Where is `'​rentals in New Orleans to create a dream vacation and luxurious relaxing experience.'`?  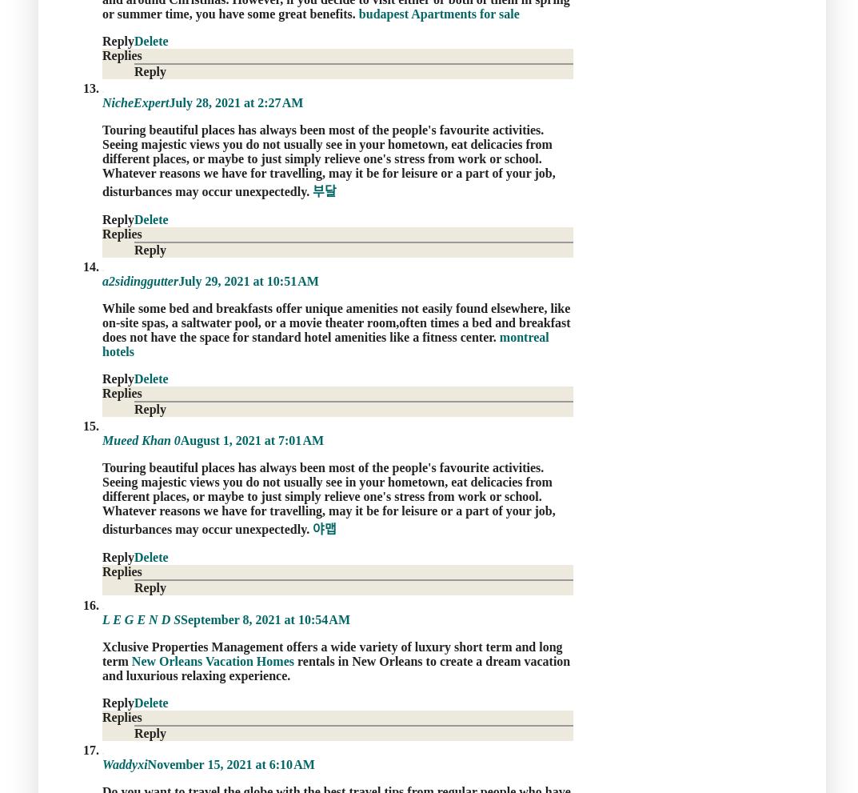
'​rentals in New Orleans to create a dream vacation and luxurious relaxing experience.' is located at coordinates (336, 667).